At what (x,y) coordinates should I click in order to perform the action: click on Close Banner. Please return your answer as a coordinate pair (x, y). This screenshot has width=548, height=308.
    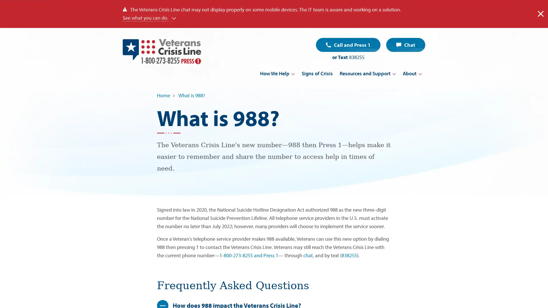
    Looking at the image, I should click on (540, 13).